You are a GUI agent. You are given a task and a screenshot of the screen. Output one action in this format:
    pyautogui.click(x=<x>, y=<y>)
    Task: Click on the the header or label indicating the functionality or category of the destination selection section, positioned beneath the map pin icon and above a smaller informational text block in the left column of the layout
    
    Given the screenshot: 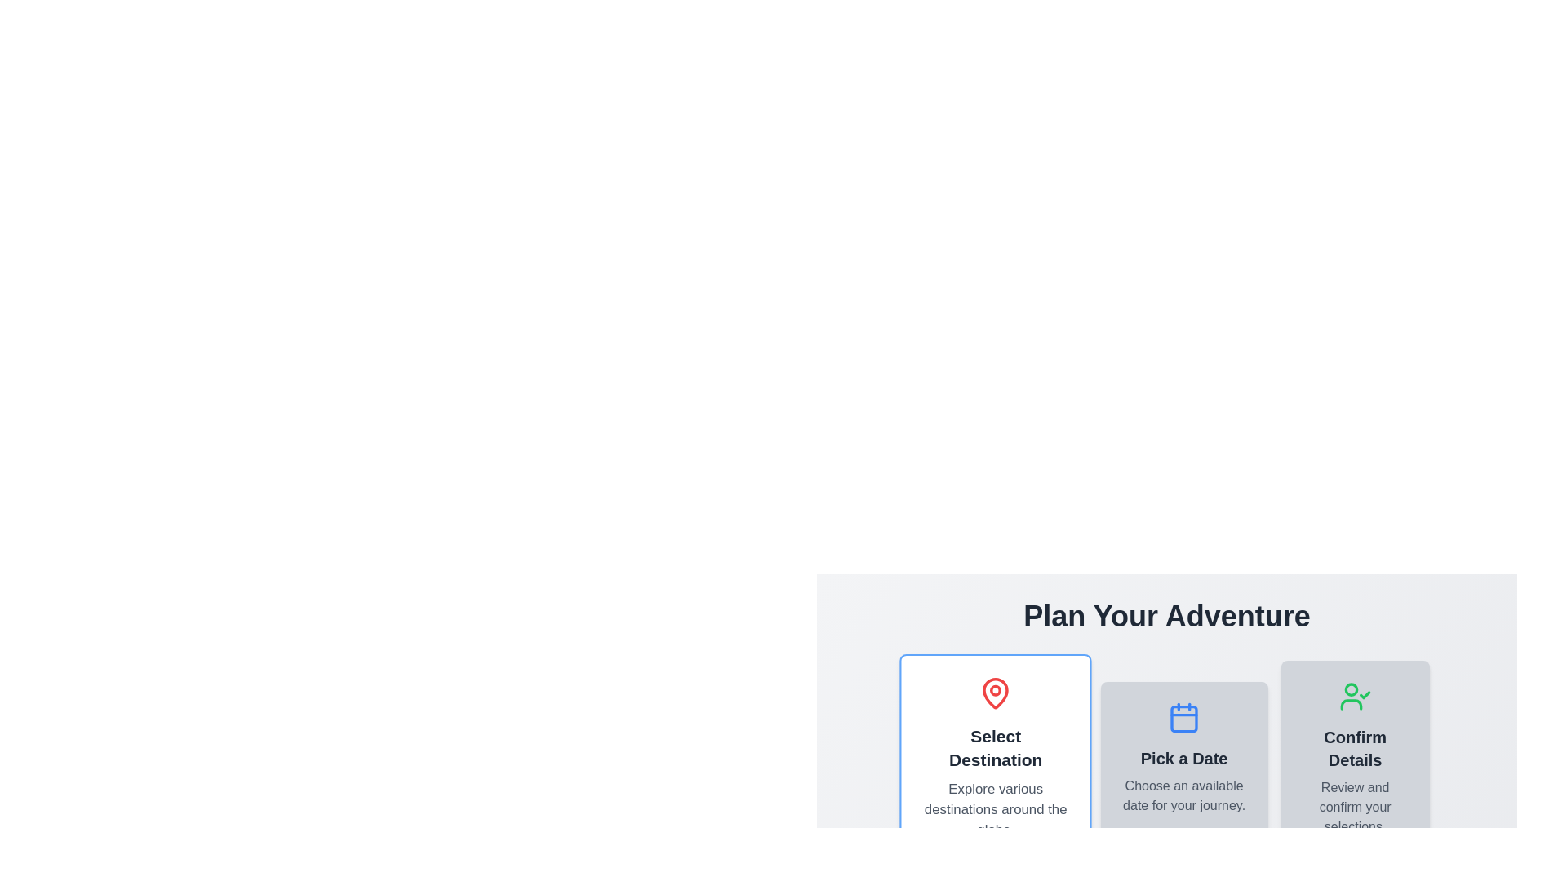 What is the action you would take?
    pyautogui.click(x=995, y=748)
    